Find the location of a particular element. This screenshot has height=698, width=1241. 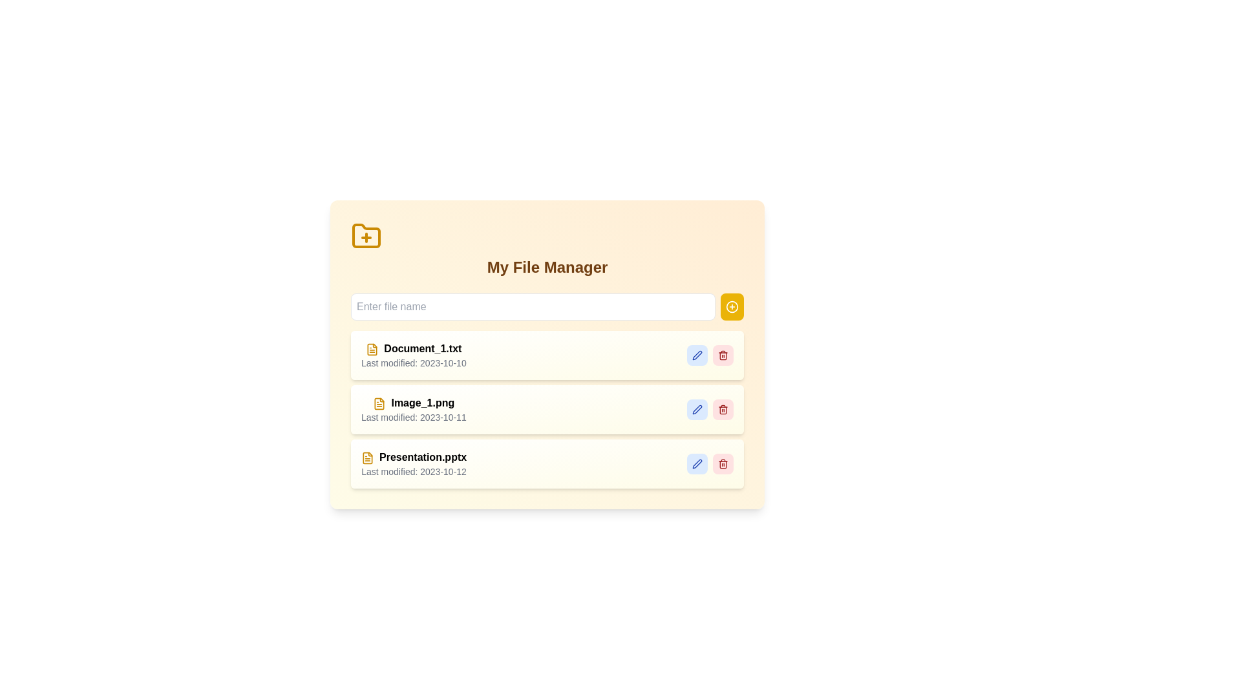

the file entry item representing the text file, located at the center-left part of the interface is located at coordinates (412, 355).